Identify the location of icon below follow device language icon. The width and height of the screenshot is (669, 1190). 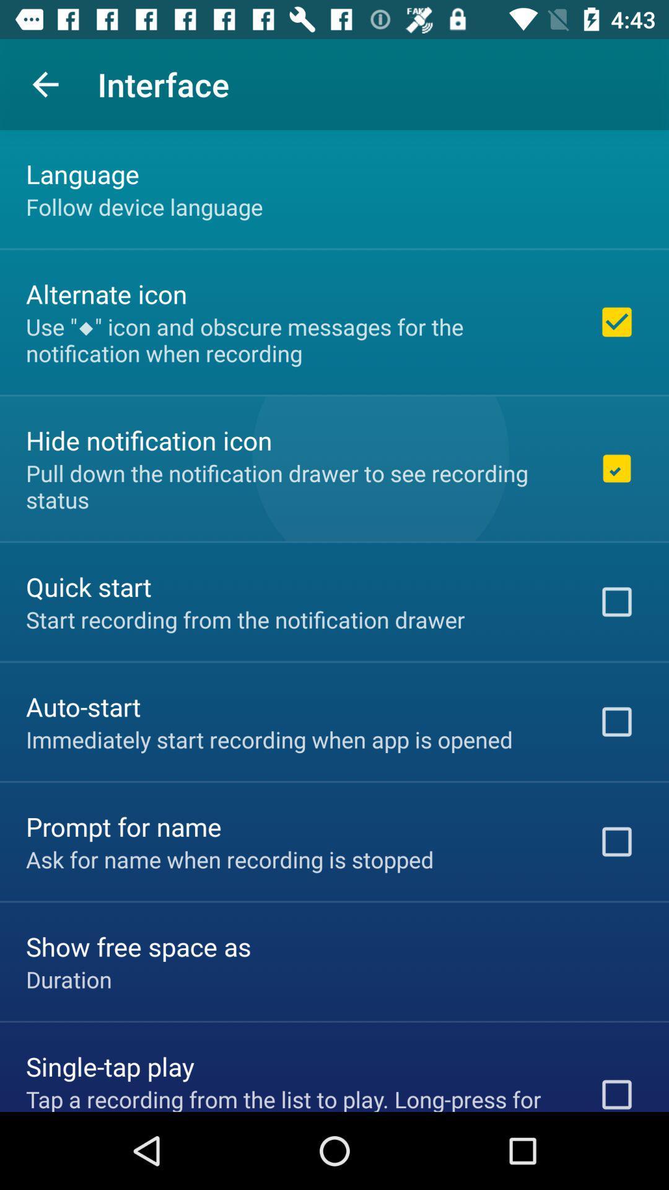
(106, 293).